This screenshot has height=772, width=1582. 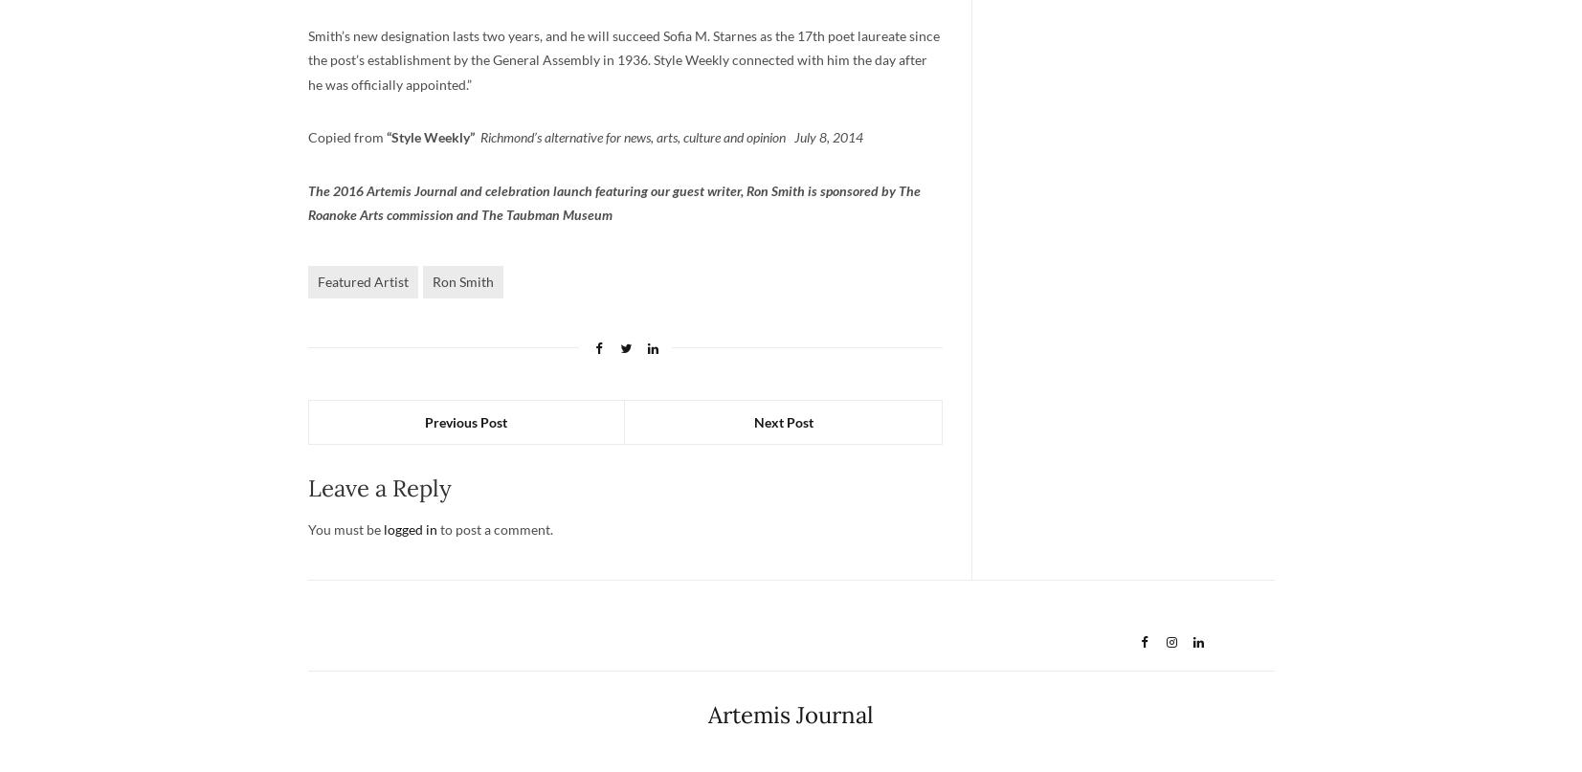 I want to click on 'Richmond’s alternative for news, arts, culture and opinion   July 8, 2014', so click(x=670, y=136).